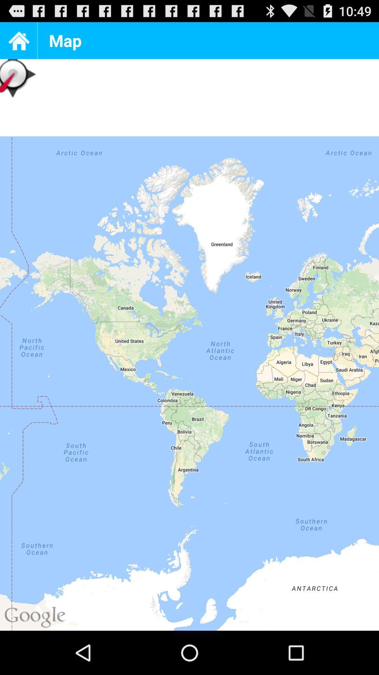 The width and height of the screenshot is (379, 675). I want to click on the home page, so click(18, 40).